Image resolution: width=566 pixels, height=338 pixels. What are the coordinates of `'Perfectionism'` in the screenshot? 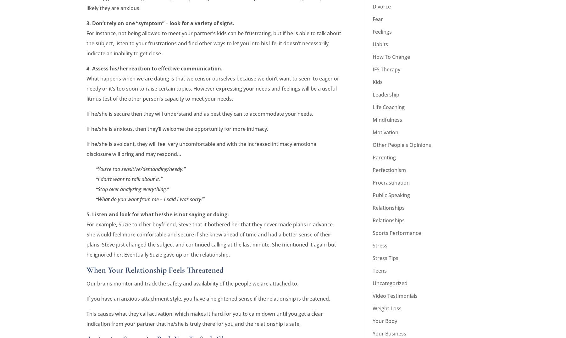 It's located at (389, 169).